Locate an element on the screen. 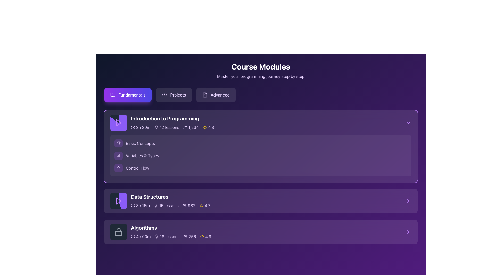  the star icon representing the rating system for the 'Algorithms' course module, located at the bottom right corner of the module box is located at coordinates (202, 236).